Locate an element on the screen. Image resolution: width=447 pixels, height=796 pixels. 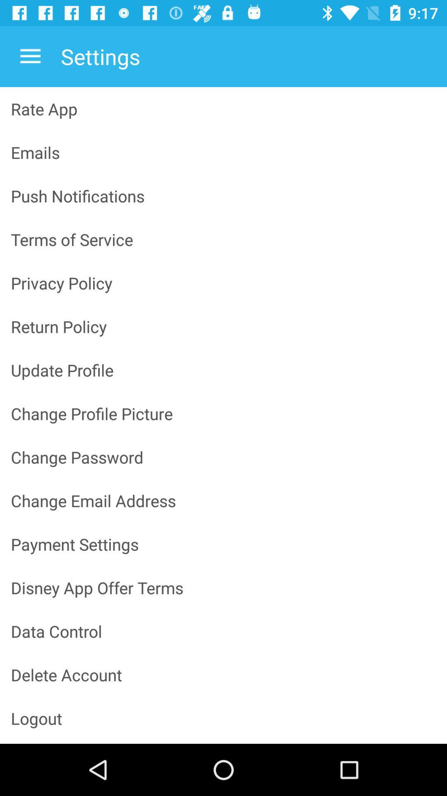
icon to the left of settings icon is located at coordinates (30, 56).